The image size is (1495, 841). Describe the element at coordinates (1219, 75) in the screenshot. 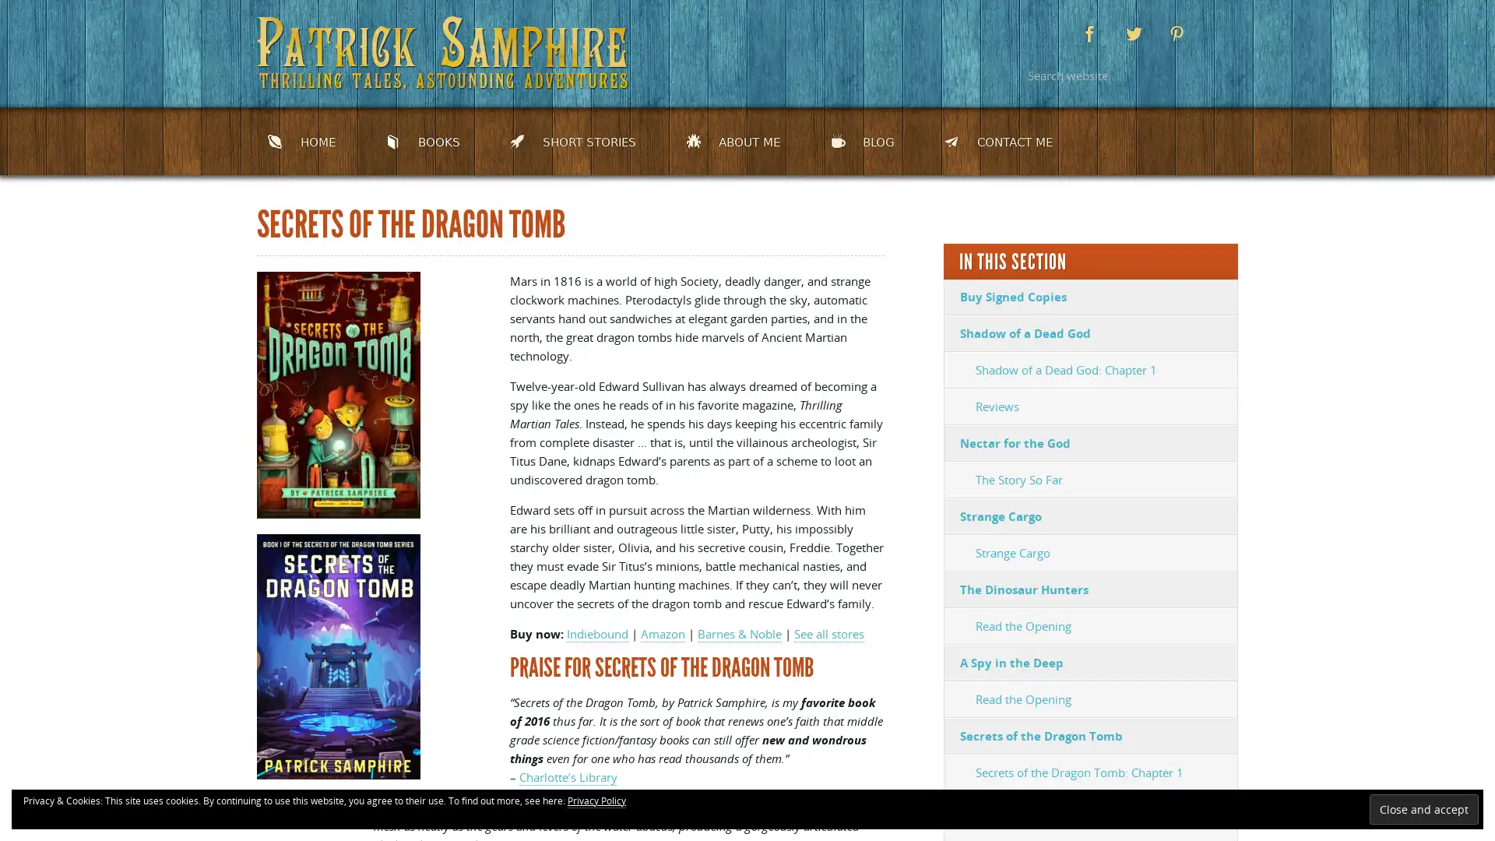

I see `Search` at that location.